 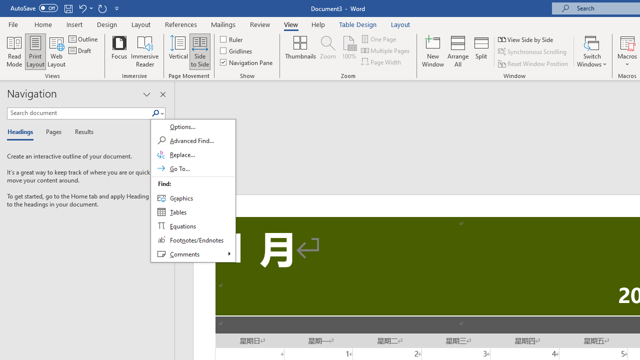 I want to click on 'Side to Side', so click(x=200, y=51).